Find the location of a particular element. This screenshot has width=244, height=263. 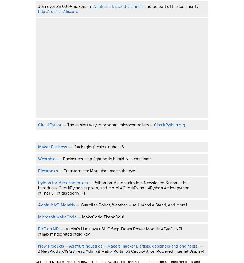

'— MakeCode Thank You!' is located at coordinates (76, 216).